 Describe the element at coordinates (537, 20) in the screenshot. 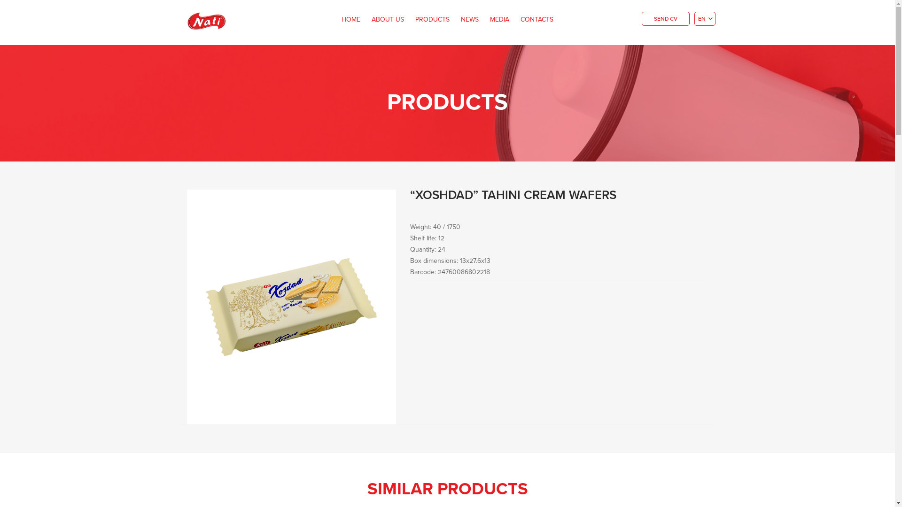

I see `'CONTACTS'` at that location.